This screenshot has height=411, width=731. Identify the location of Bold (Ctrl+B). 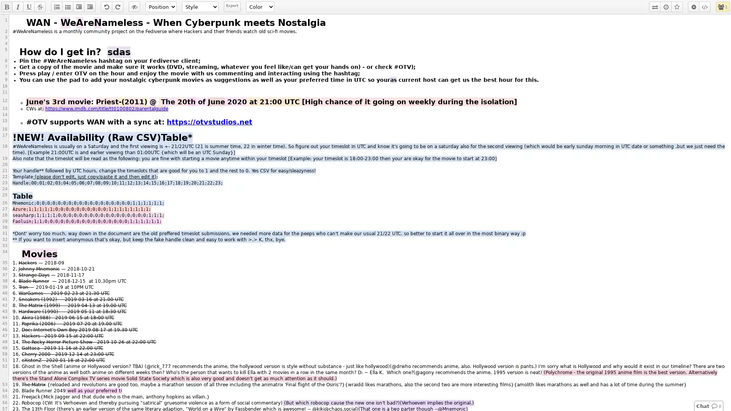
(7, 7).